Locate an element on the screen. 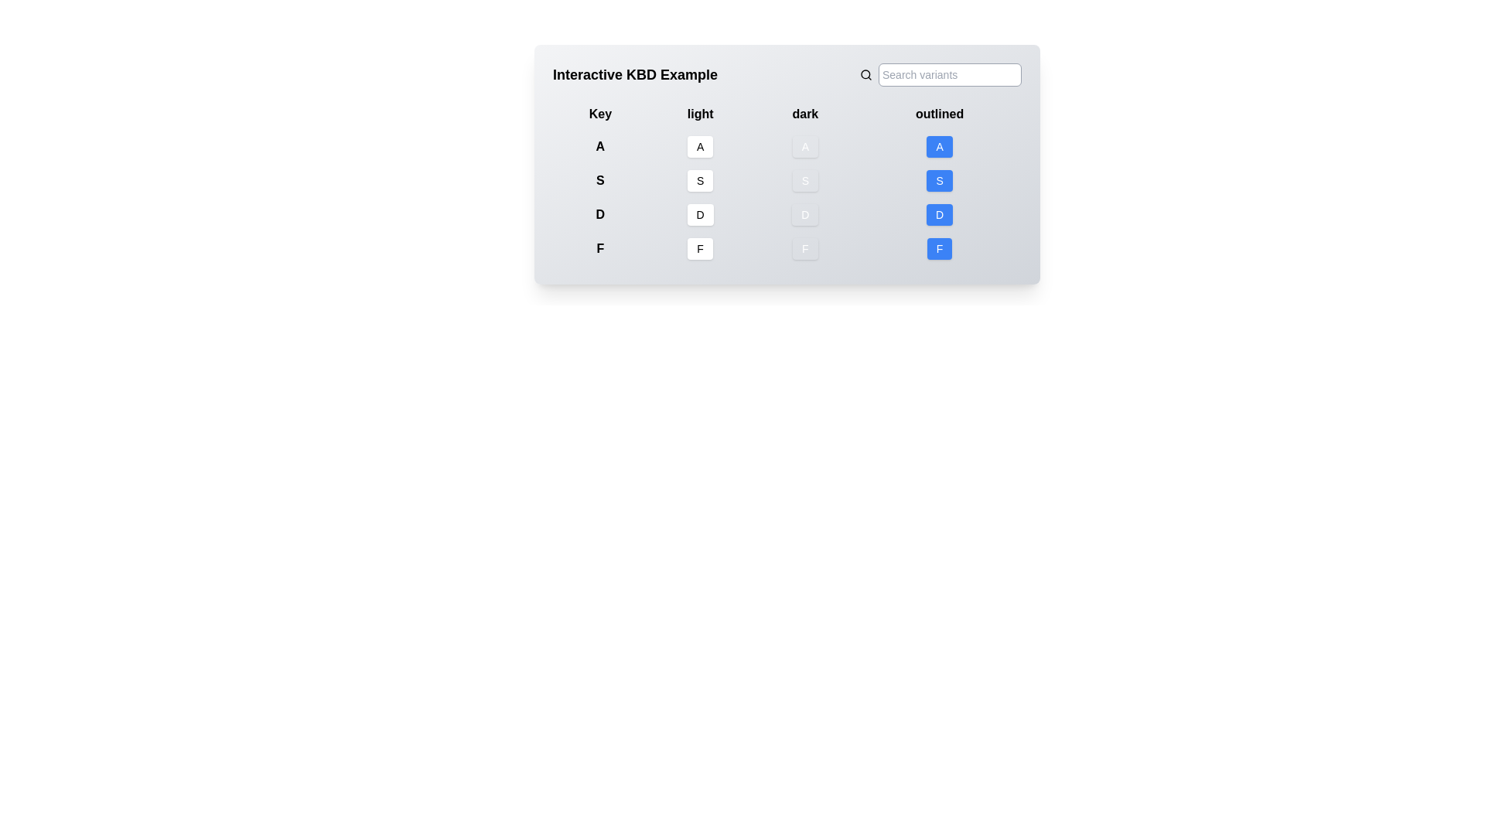  the button labeled 'S' that represents a 'light' style variant, positioned under the 'light' column and aligned horizontally with adjacent elements in the same row is located at coordinates (699, 180).